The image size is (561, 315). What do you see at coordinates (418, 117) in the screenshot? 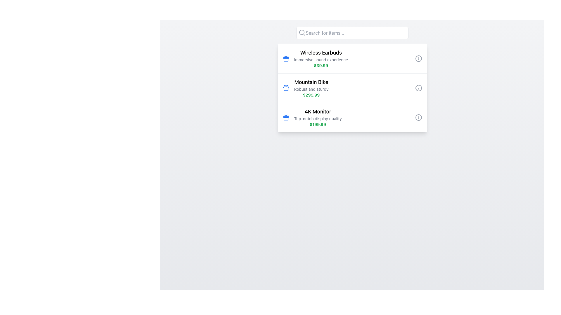
I see `the circular SVG component located within the third item's info icon in a vertical list` at bounding box center [418, 117].